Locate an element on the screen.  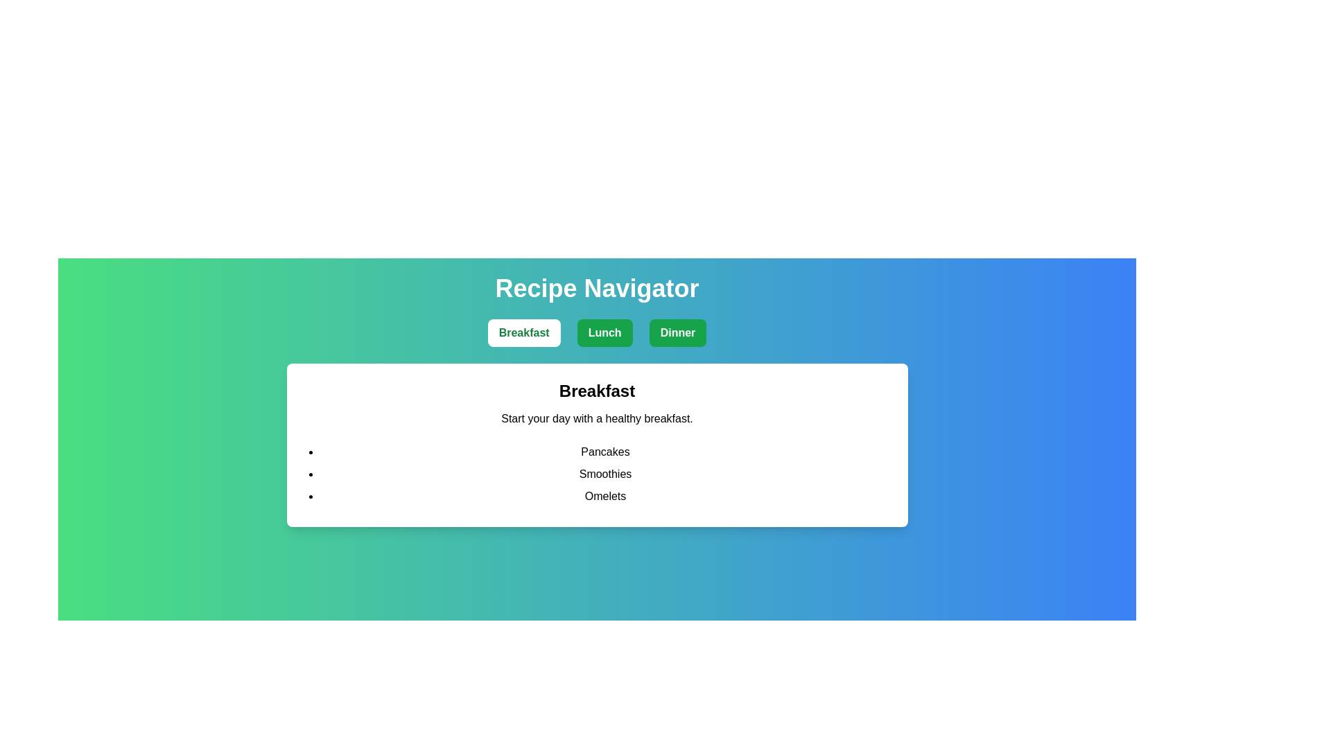
the Breakfast tab to view its recipes is located at coordinates (523, 333).